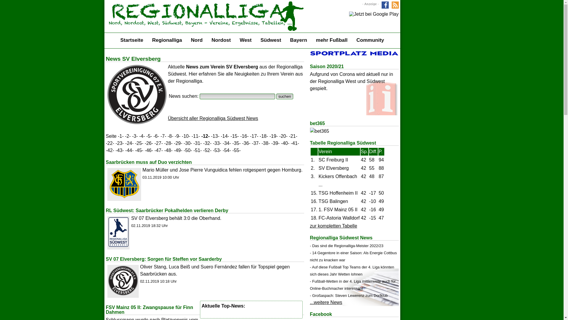  I want to click on '-42-', so click(110, 150).